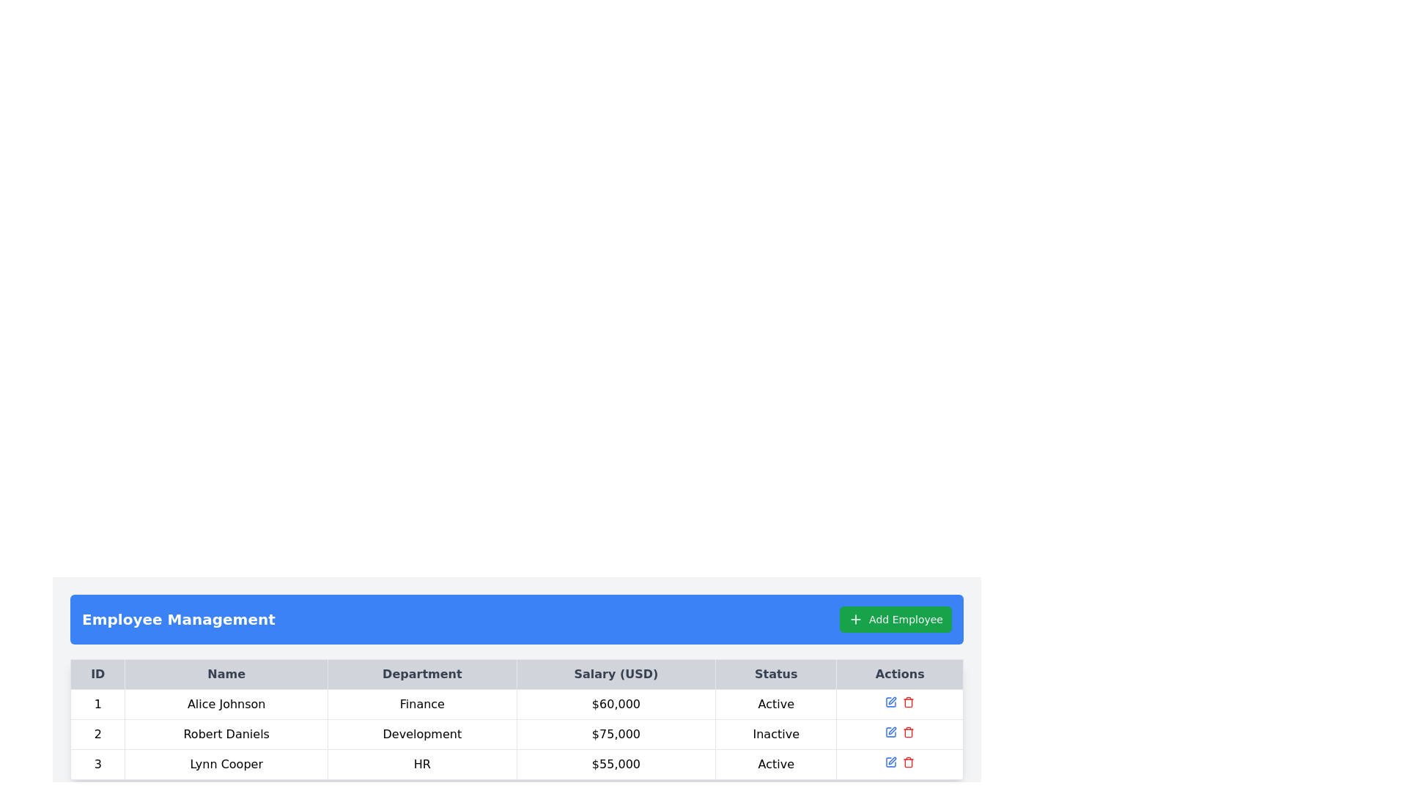 Image resolution: width=1407 pixels, height=791 pixels. I want to click on the static text label or title that categorizes the section for managing employees, located in a blue bar at the top left of the section, so click(177, 619).